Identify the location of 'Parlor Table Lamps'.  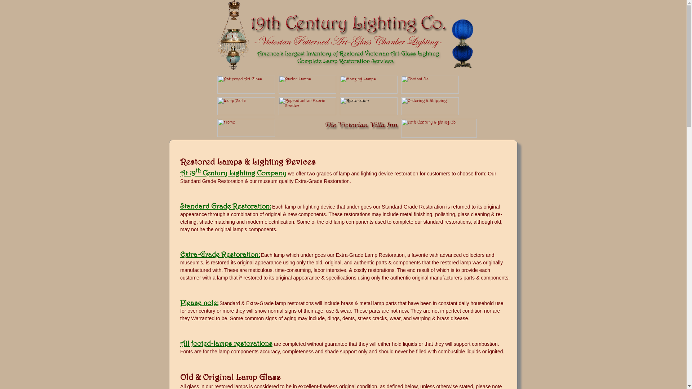
(307, 91).